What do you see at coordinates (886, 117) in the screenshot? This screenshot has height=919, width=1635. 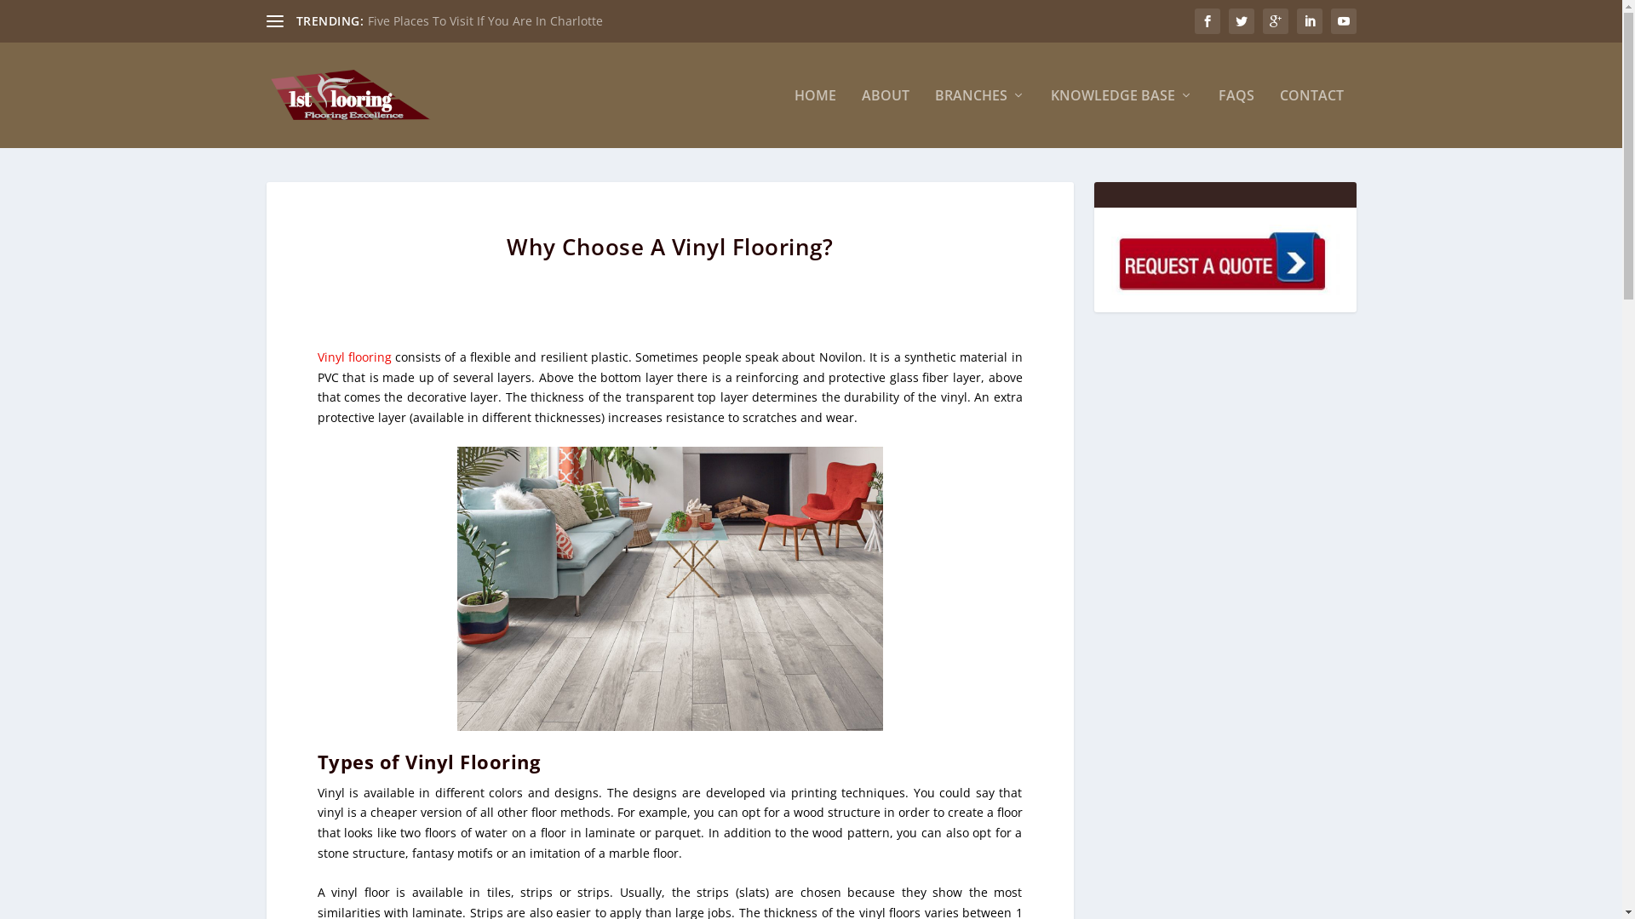 I see `'ABOUT'` at bounding box center [886, 117].